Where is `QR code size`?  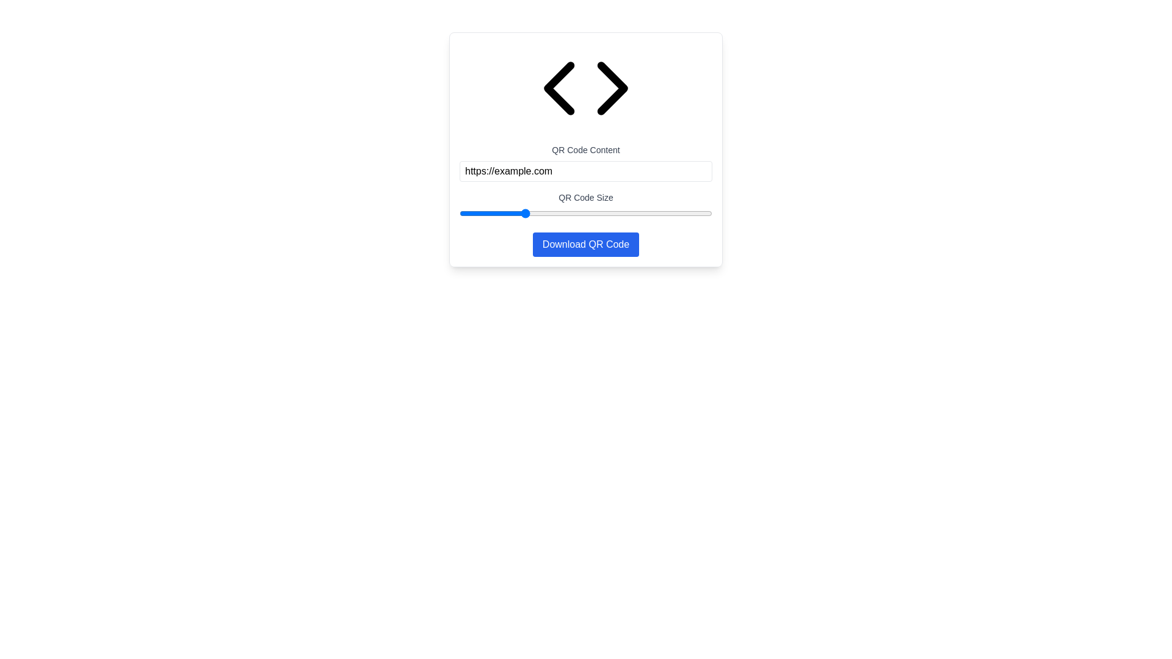 QR code size is located at coordinates (643, 213).